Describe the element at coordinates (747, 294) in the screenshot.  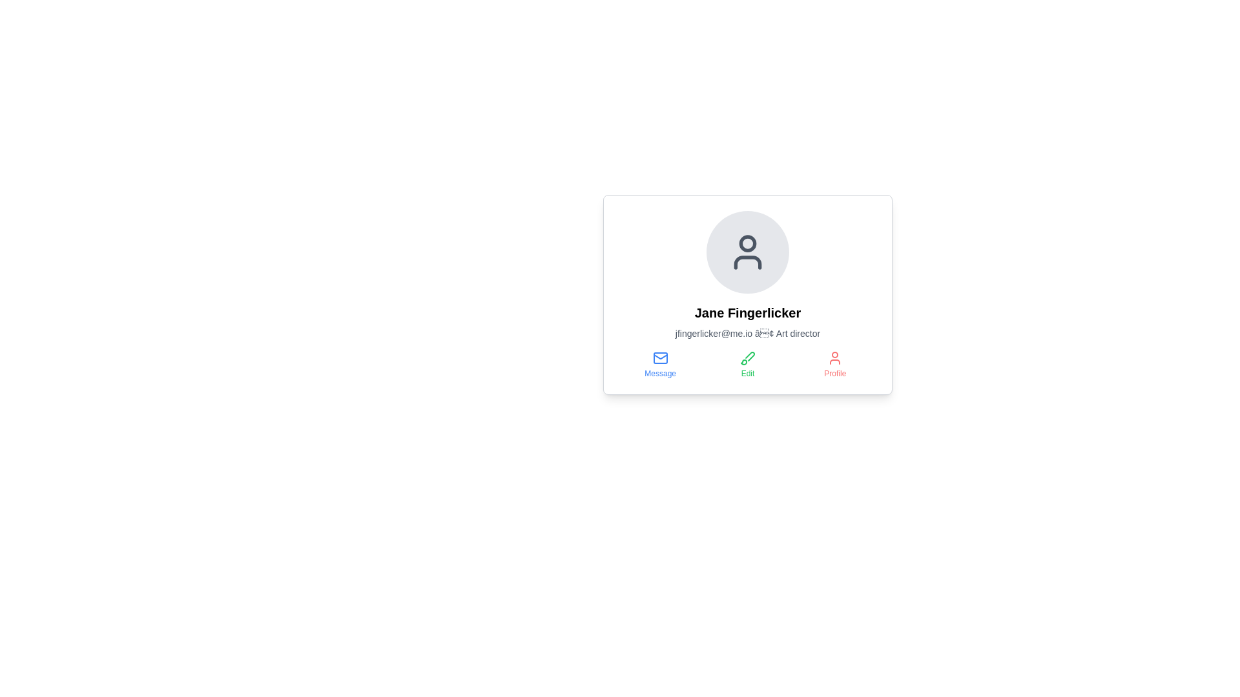
I see `the Profile card` at that location.